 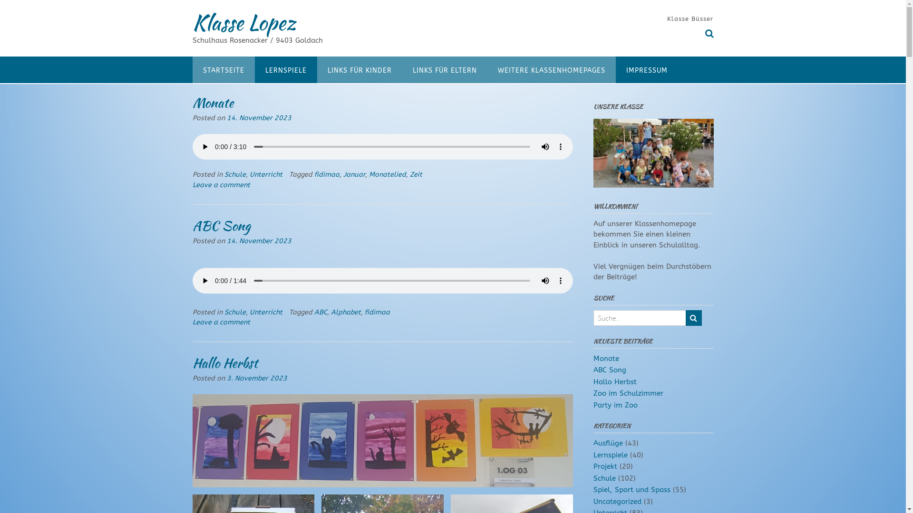 What do you see at coordinates (235, 312) in the screenshot?
I see `'Schule'` at bounding box center [235, 312].